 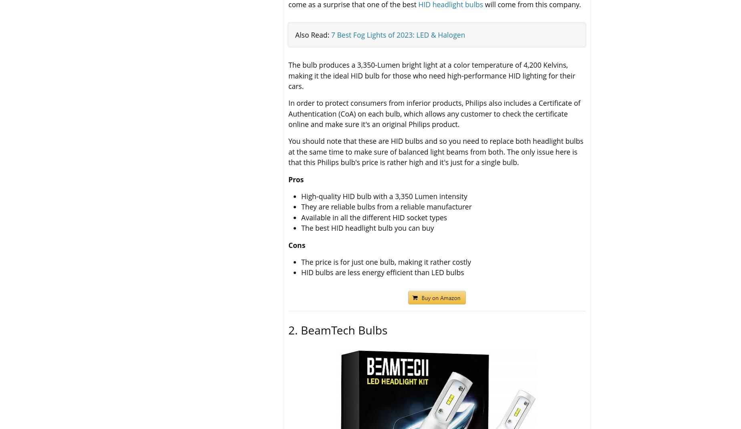 I want to click on 'Available in all the different HID socket types', so click(x=374, y=217).